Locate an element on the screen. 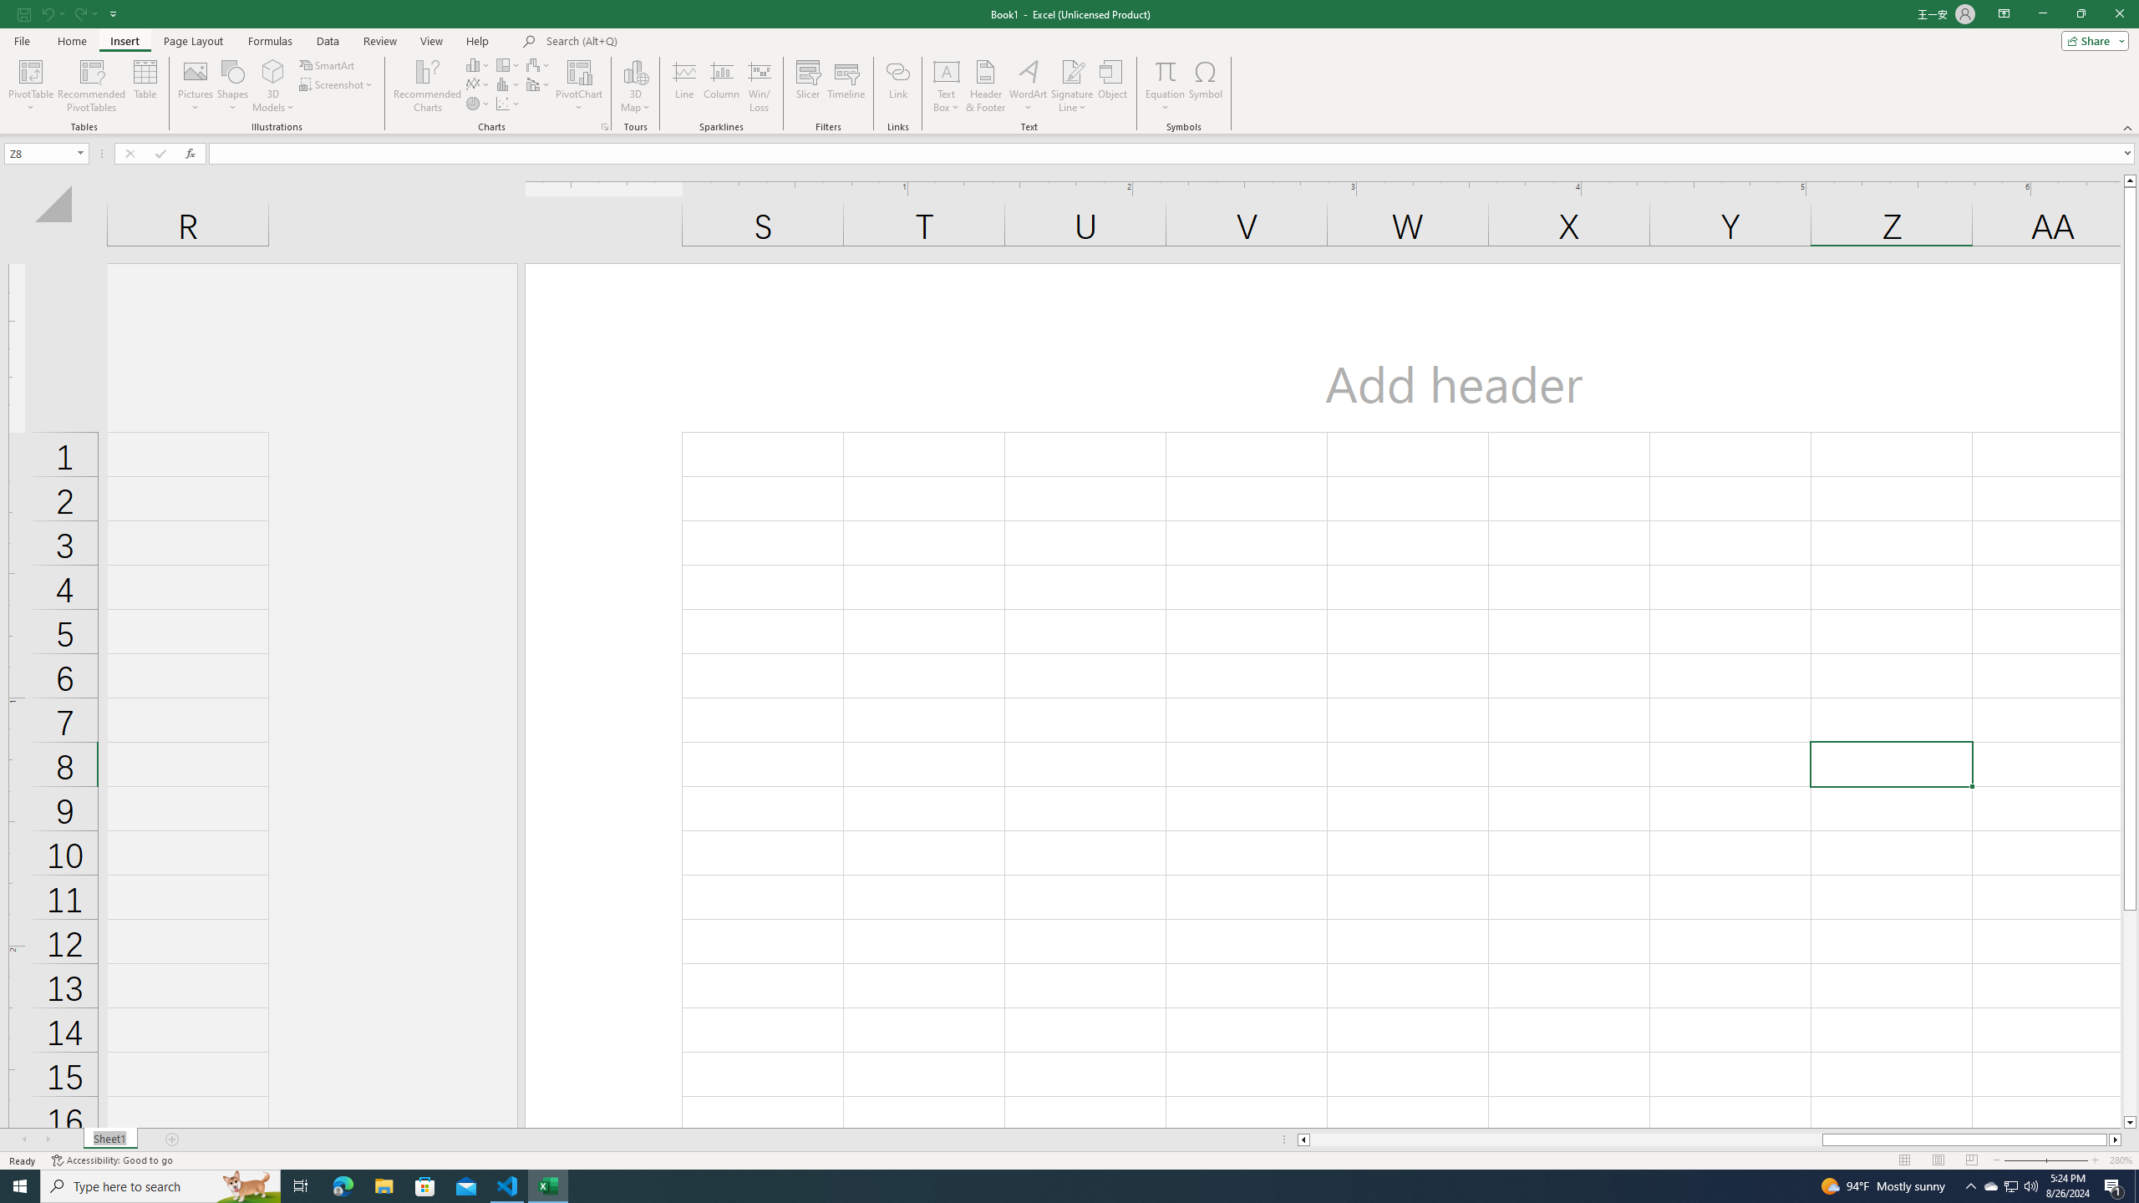 This screenshot has height=1203, width=2139. 'Insert Column or Bar Chart' is located at coordinates (478, 64).